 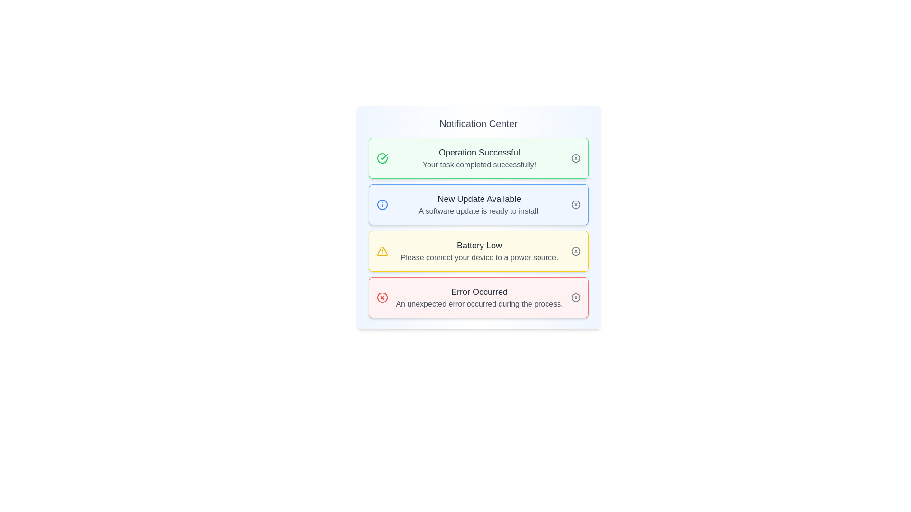 What do you see at coordinates (479, 245) in the screenshot?
I see `the header text of the notification message, which is positioned within a yellow notification box summarizing the content of the notification` at bounding box center [479, 245].